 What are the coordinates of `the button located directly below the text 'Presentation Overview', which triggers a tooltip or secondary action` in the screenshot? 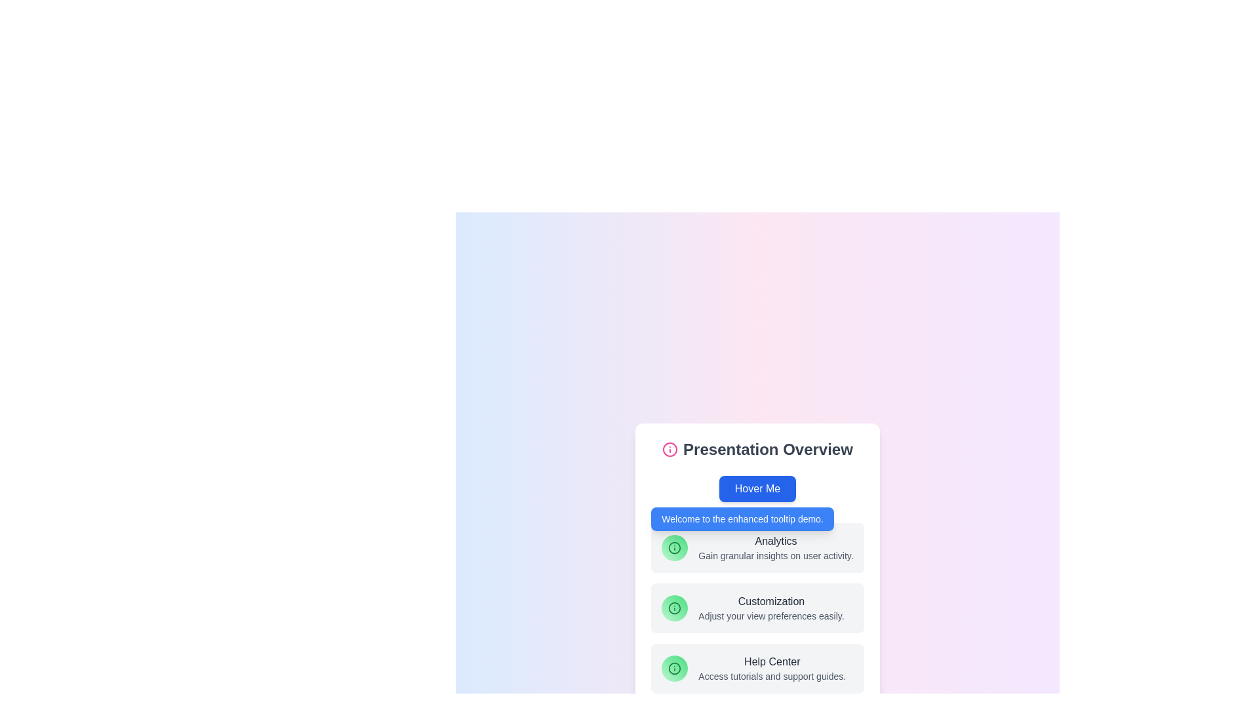 It's located at (757, 488).